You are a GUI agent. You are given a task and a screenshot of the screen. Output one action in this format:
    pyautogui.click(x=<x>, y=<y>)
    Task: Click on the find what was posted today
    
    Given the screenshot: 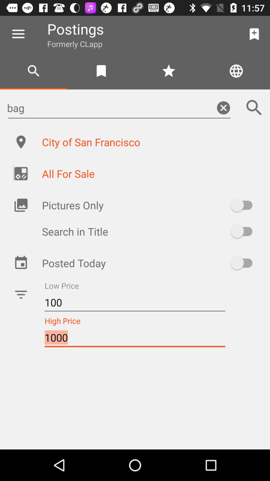 What is the action you would take?
    pyautogui.click(x=243, y=263)
    